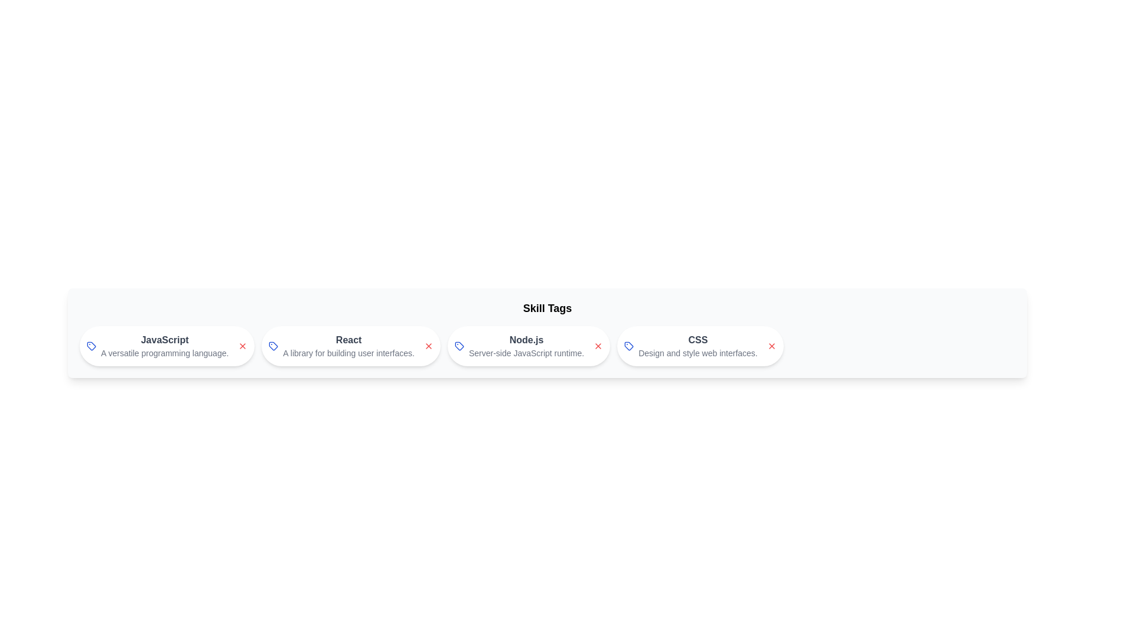 The image size is (1134, 637). I want to click on close button of the skill chip labeled React, so click(428, 345).